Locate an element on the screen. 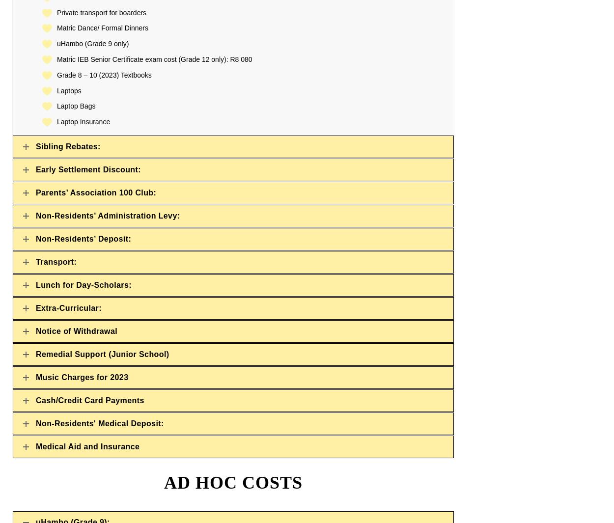 The height and width of the screenshot is (523, 614). 'Laptops' is located at coordinates (69, 90).